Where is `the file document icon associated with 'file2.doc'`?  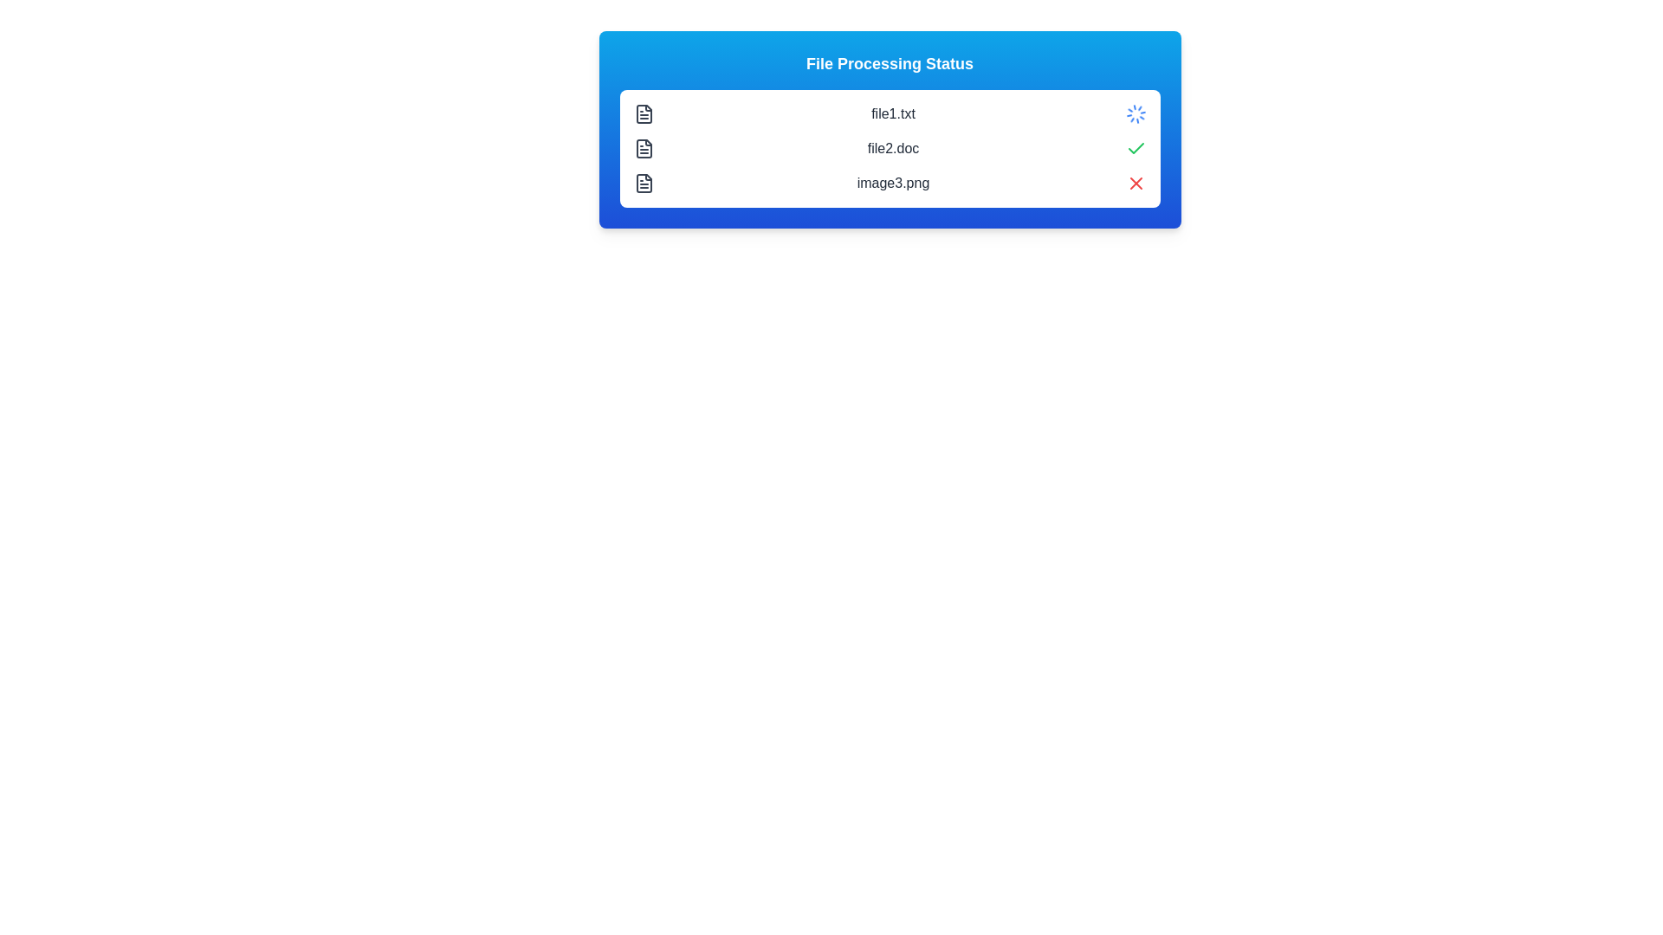 the file document icon associated with 'file2.doc' is located at coordinates (643, 148).